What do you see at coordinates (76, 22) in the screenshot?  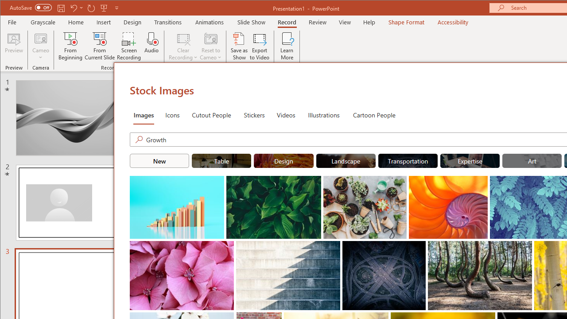 I see `'Home'` at bounding box center [76, 22].